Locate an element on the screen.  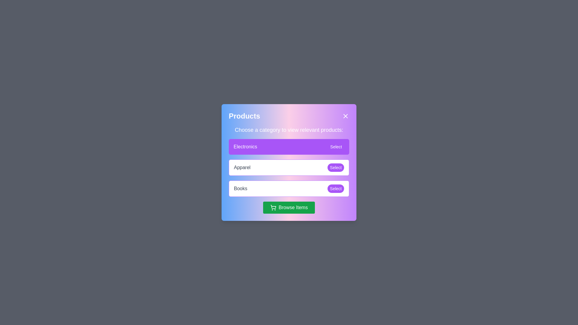
the 'Select' button next to the 'Books' category is located at coordinates (335, 188).